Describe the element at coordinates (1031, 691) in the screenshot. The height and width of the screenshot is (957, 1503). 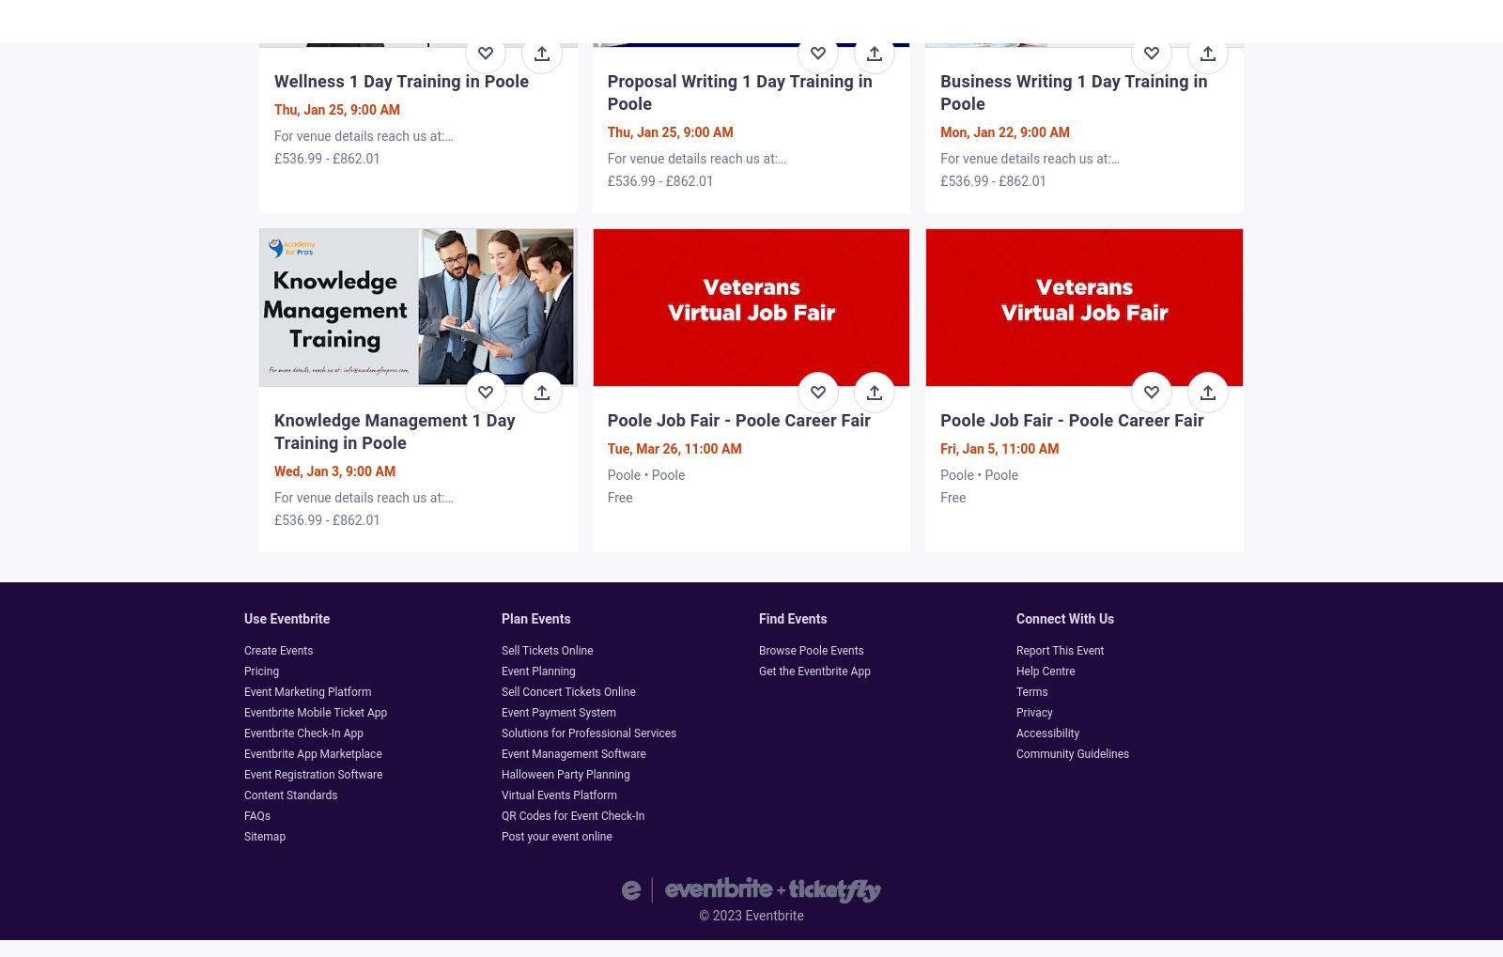
I see `'Terms'` at that location.